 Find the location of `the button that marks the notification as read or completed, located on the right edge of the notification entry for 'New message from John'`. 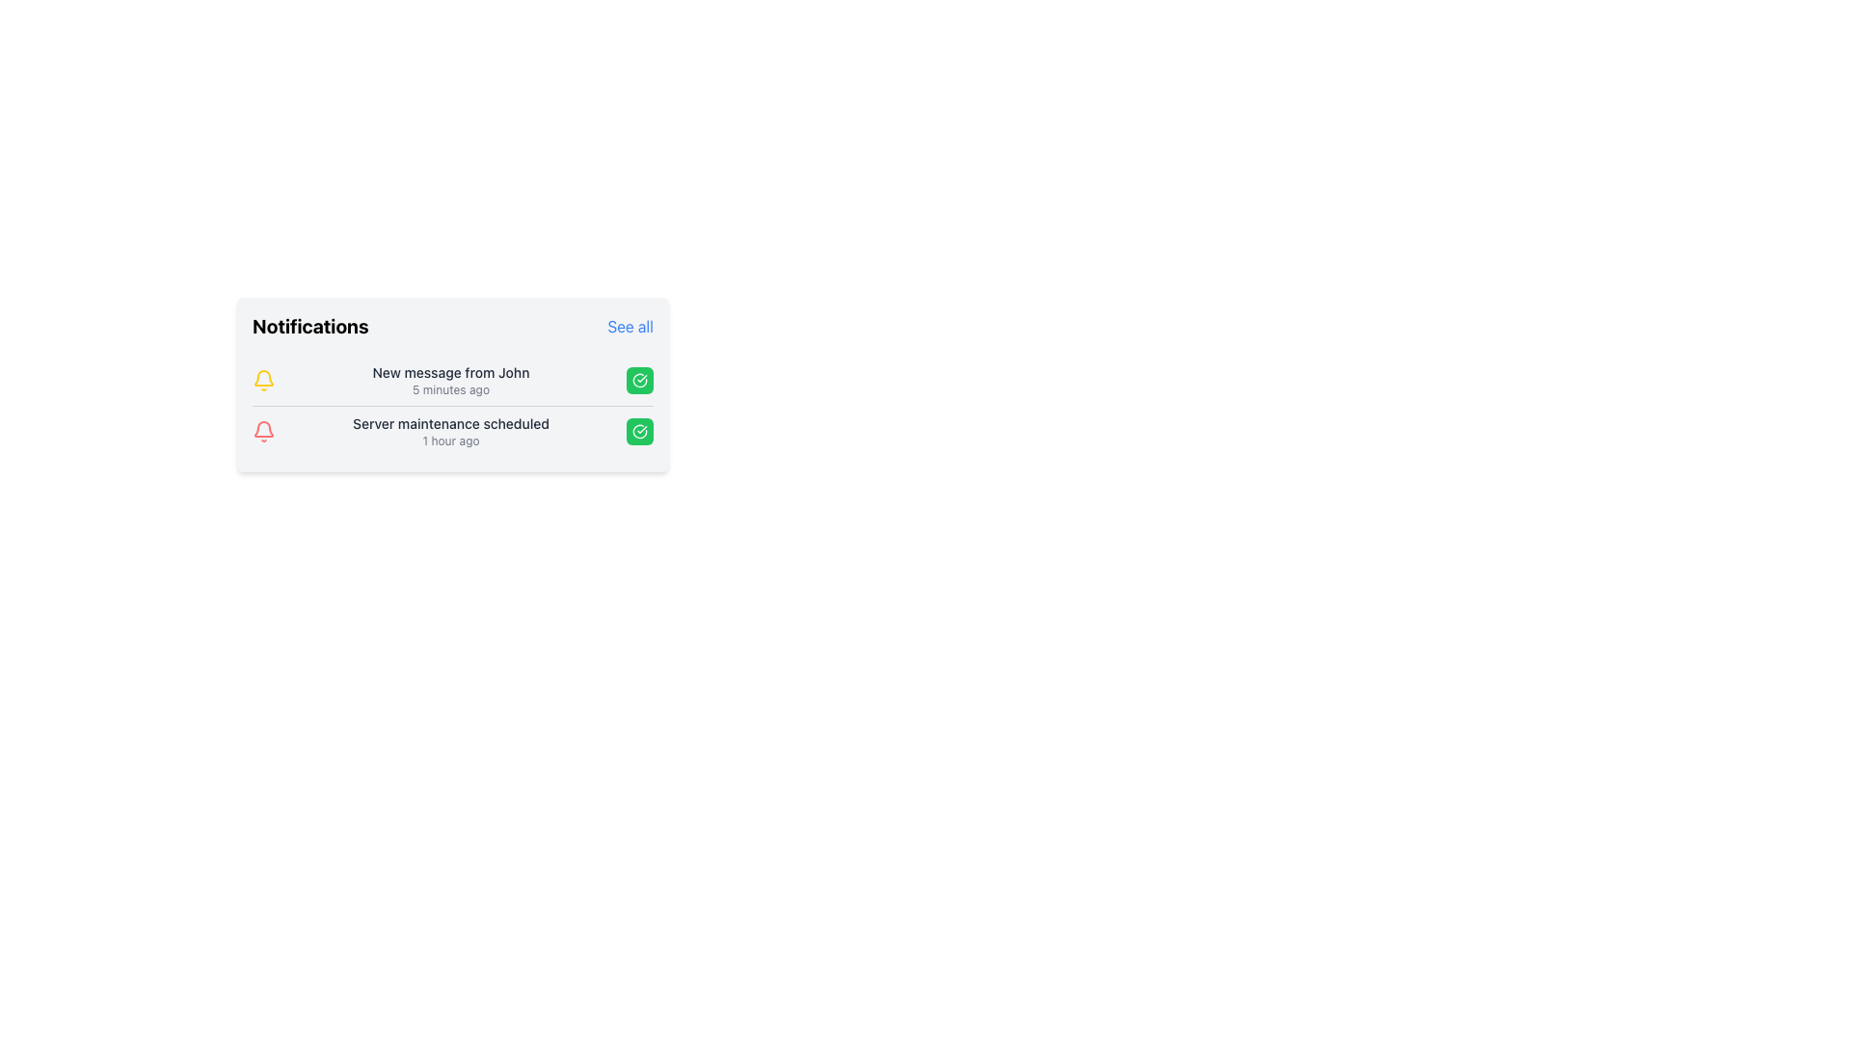

the button that marks the notification as read or completed, located on the right edge of the notification entry for 'New message from John' is located at coordinates (639, 380).